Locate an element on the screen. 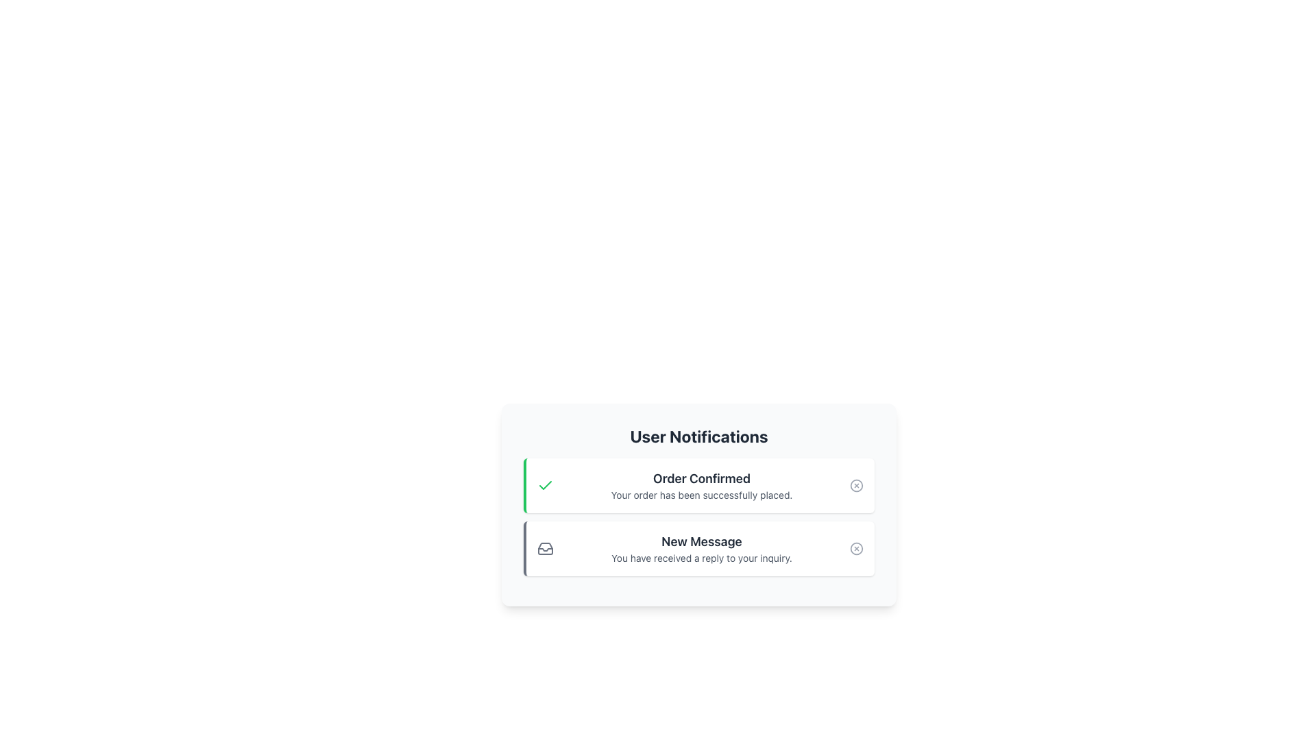 The image size is (1316, 740). text from the Text Block element that displays 'Order Confirmed' and 'Your order has been successfully placed.' is located at coordinates (701, 485).